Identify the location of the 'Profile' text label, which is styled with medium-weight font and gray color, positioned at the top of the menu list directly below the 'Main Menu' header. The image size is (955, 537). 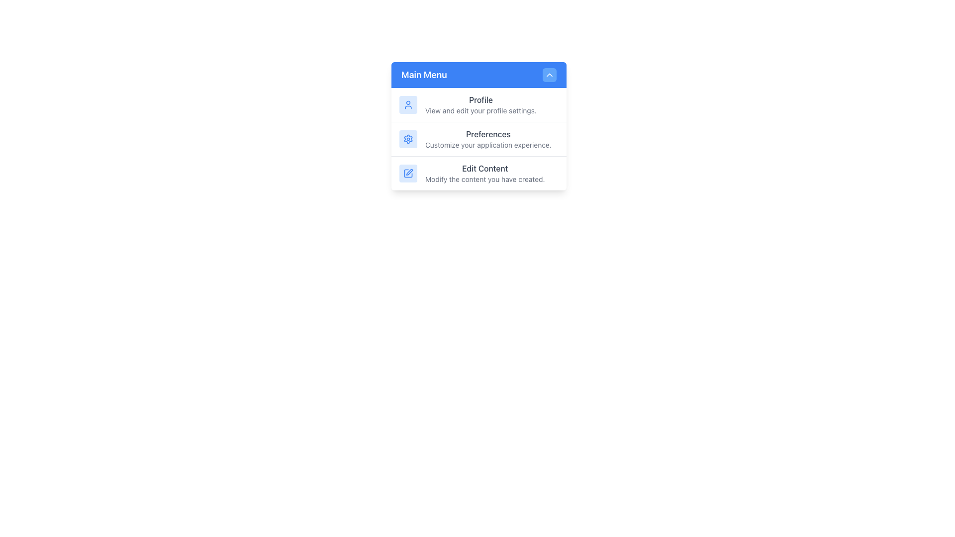
(480, 99).